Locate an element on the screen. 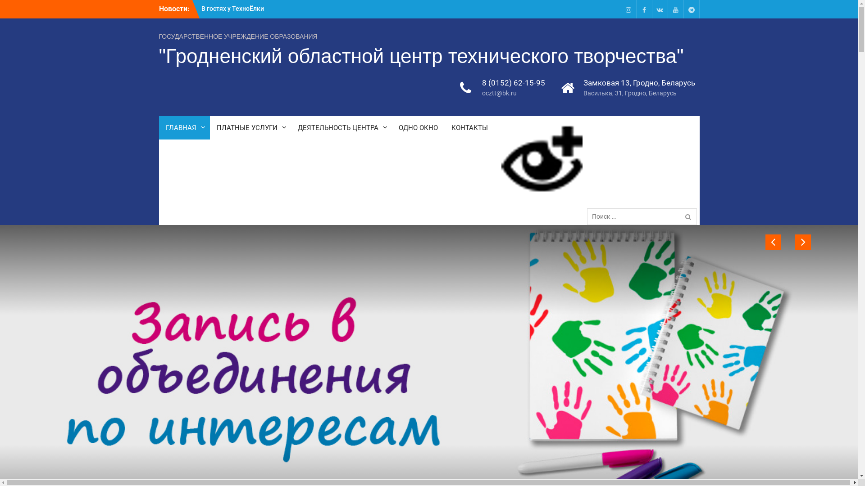 The height and width of the screenshot is (486, 865). 'Youtube' is located at coordinates (675, 9).